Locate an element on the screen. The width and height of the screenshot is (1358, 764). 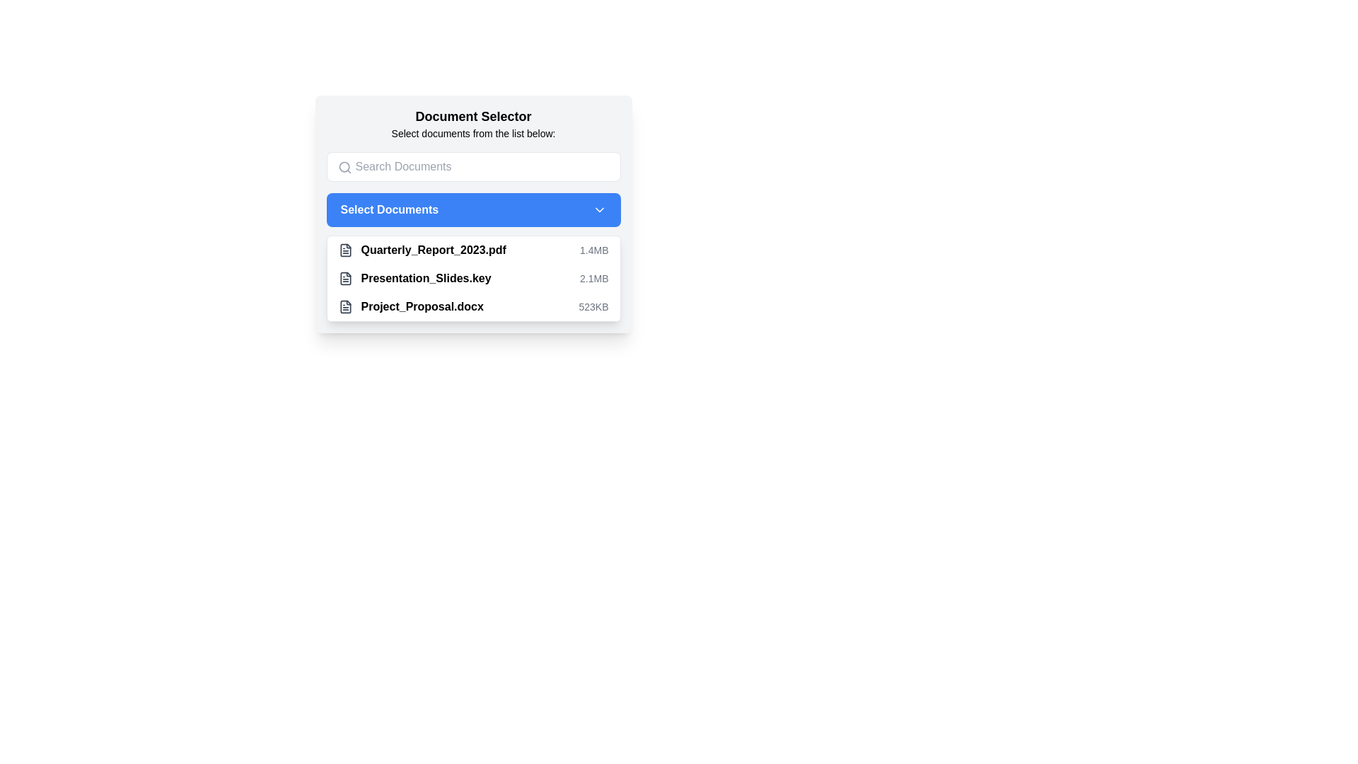
the dropdown button located in the 'Document Selector' interface is located at coordinates (473, 210).